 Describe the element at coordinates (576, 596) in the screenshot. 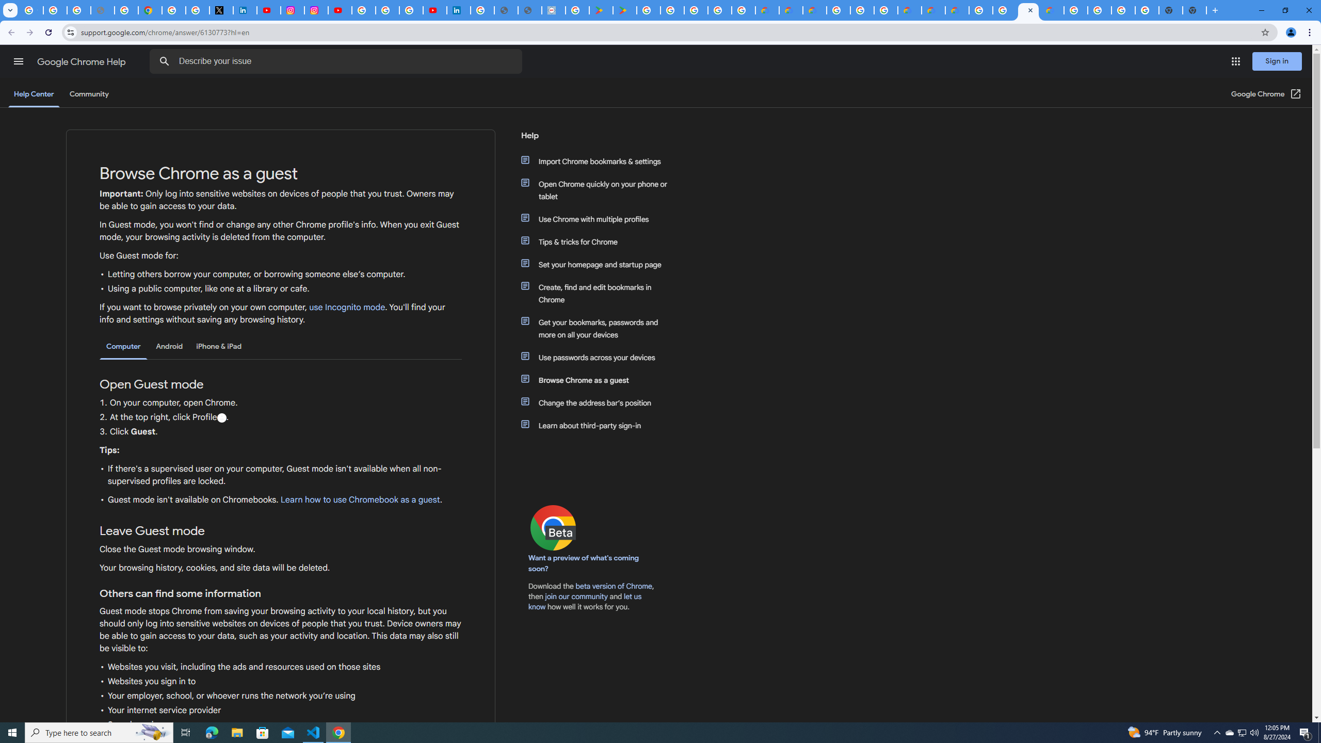

I see `'join our community'` at that location.